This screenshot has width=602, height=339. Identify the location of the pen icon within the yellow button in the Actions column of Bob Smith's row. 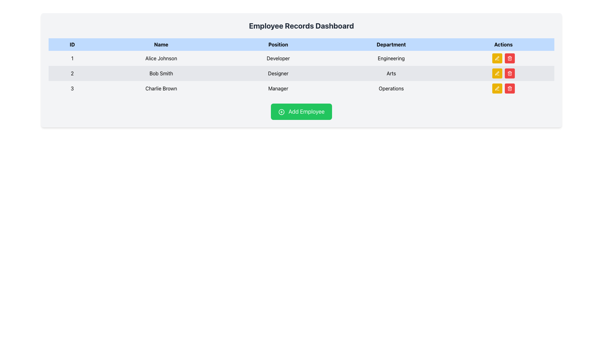
(497, 73).